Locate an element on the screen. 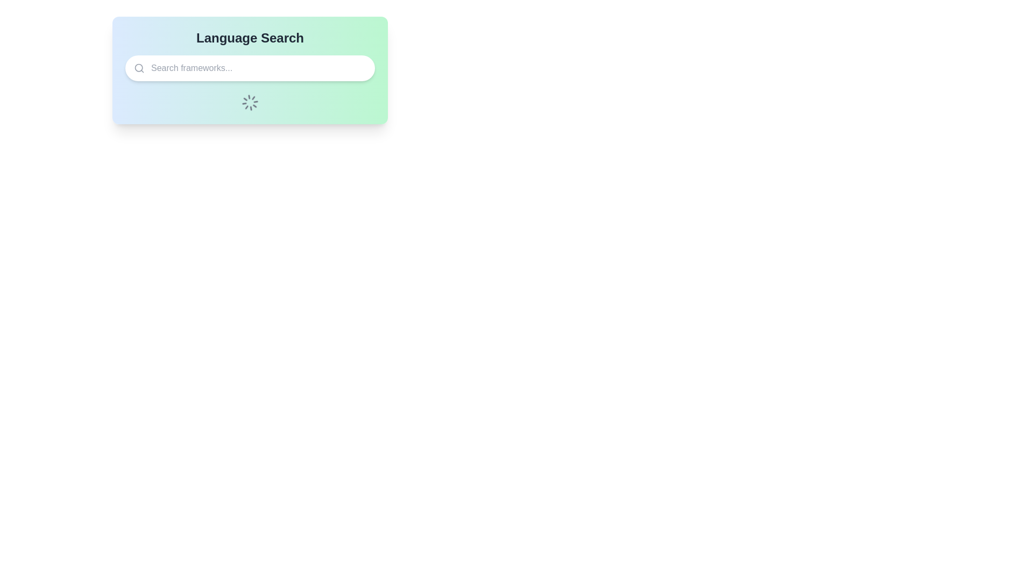  loading spinner located beneath the central search bar, which indicates that a process is in progress, for debugging purposes is located at coordinates (250, 103).